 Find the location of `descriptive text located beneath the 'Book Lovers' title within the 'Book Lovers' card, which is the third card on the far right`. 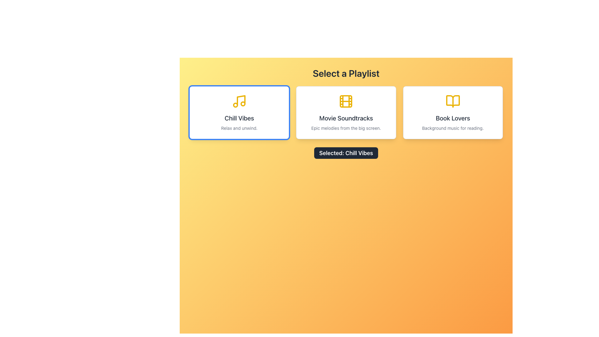

descriptive text located beneath the 'Book Lovers' title within the 'Book Lovers' card, which is the third card on the far right is located at coordinates (453, 128).